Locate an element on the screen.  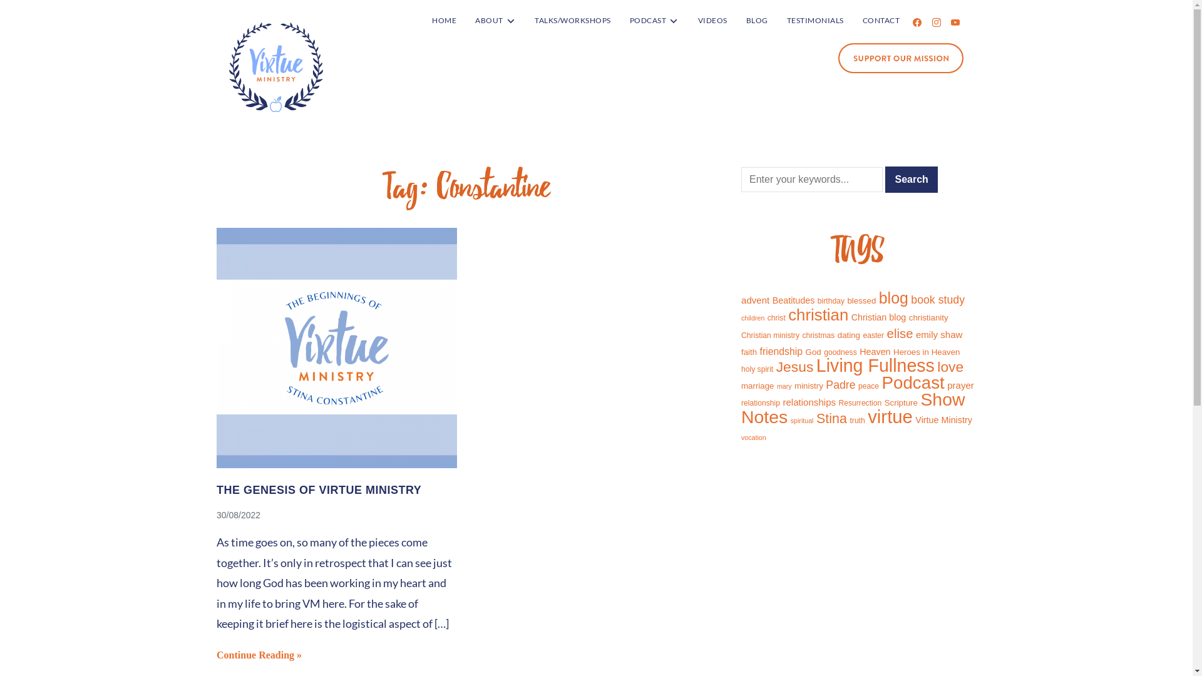
'vocation' is located at coordinates (753, 436).